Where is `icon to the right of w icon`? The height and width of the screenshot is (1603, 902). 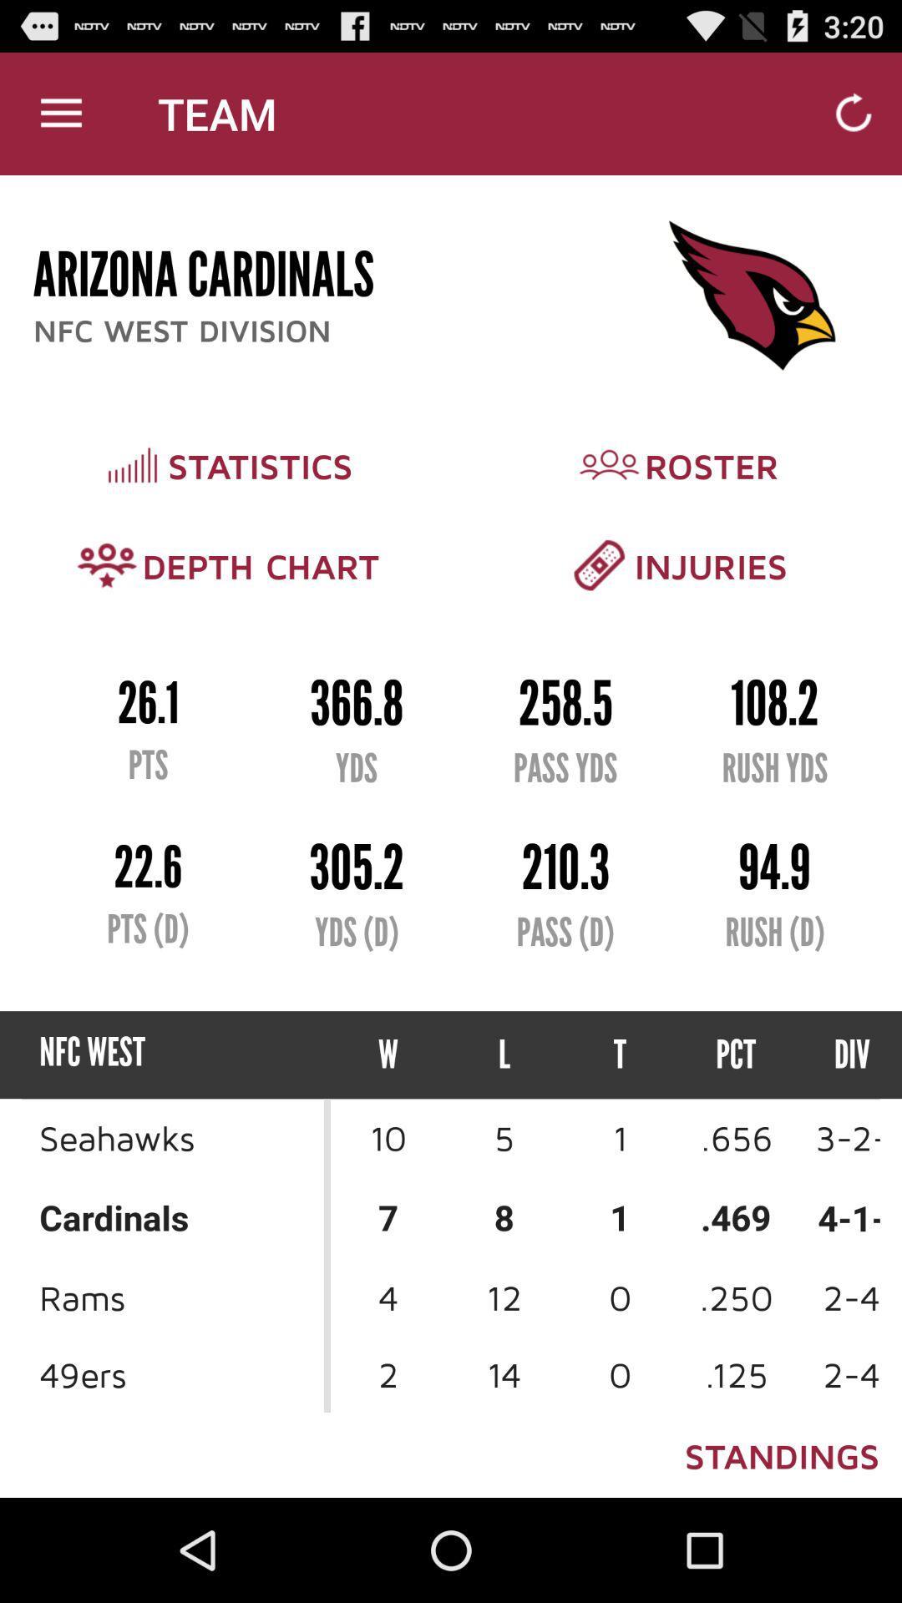 icon to the right of w icon is located at coordinates (504, 1054).